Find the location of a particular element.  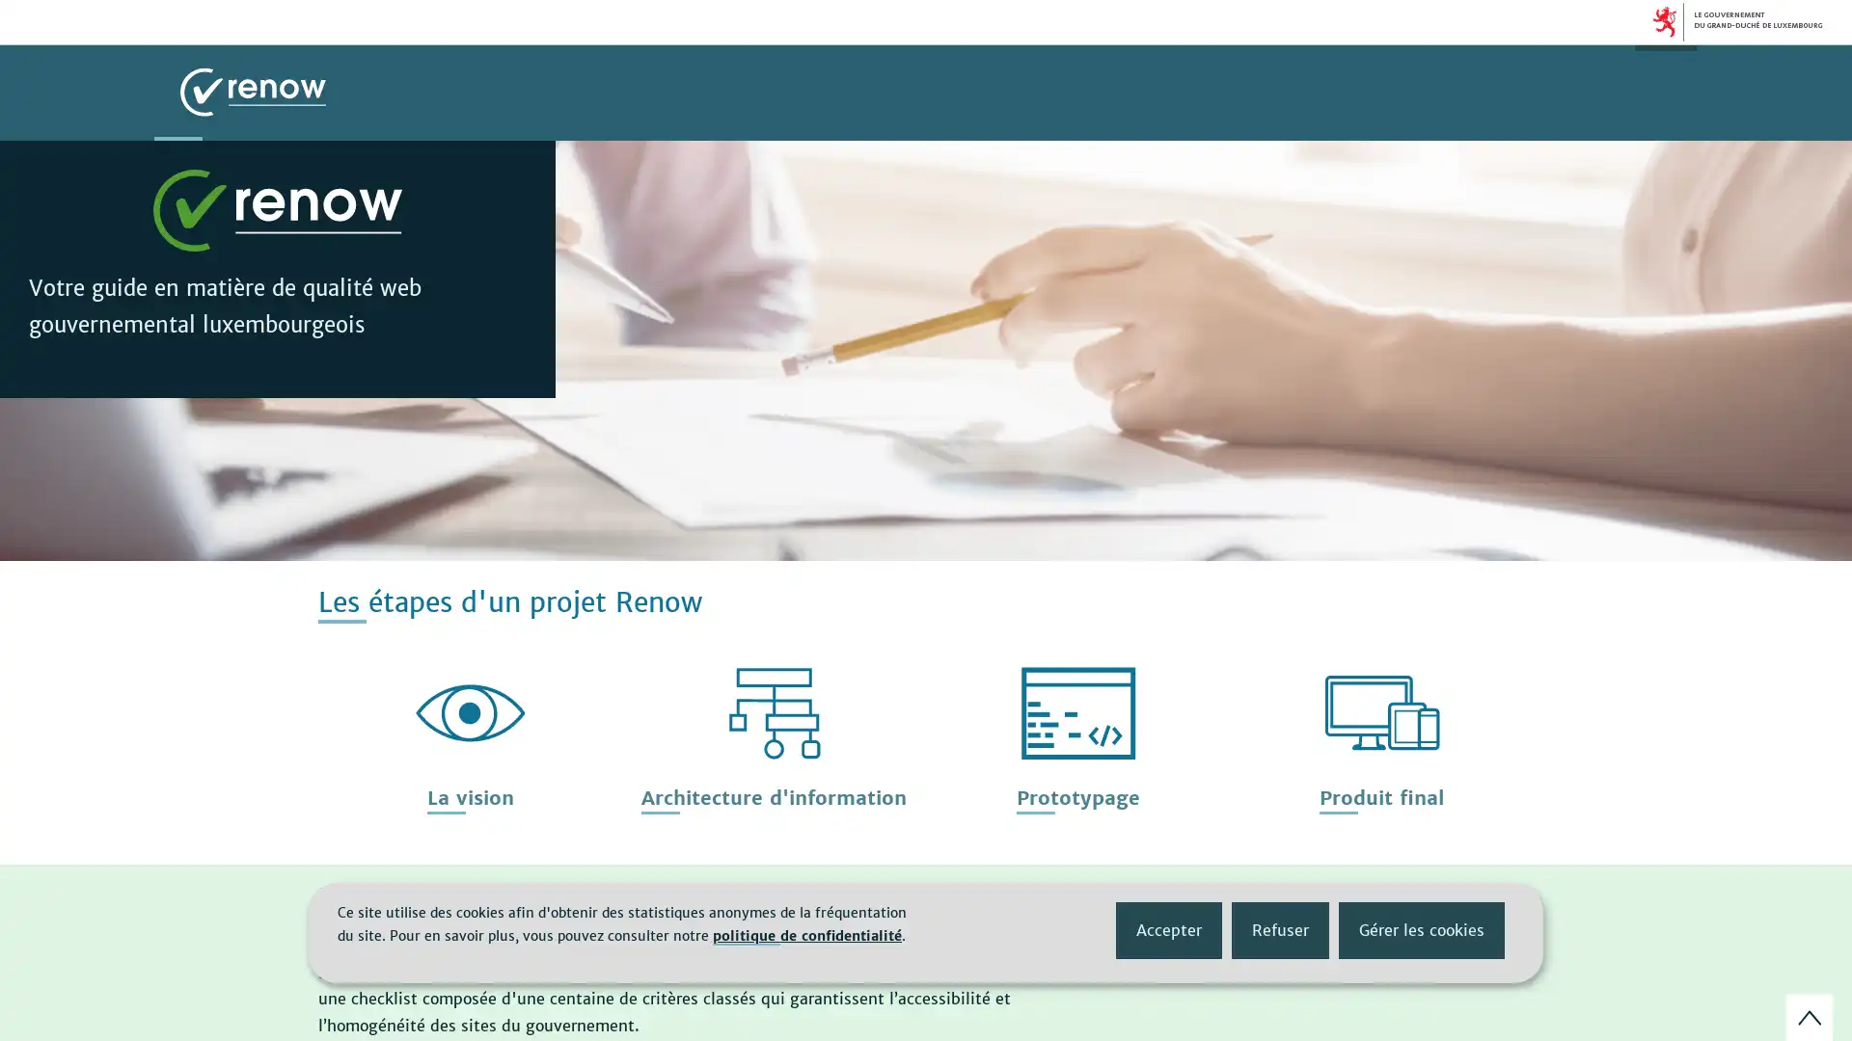

Gerer les cookies is located at coordinates (1421, 928).